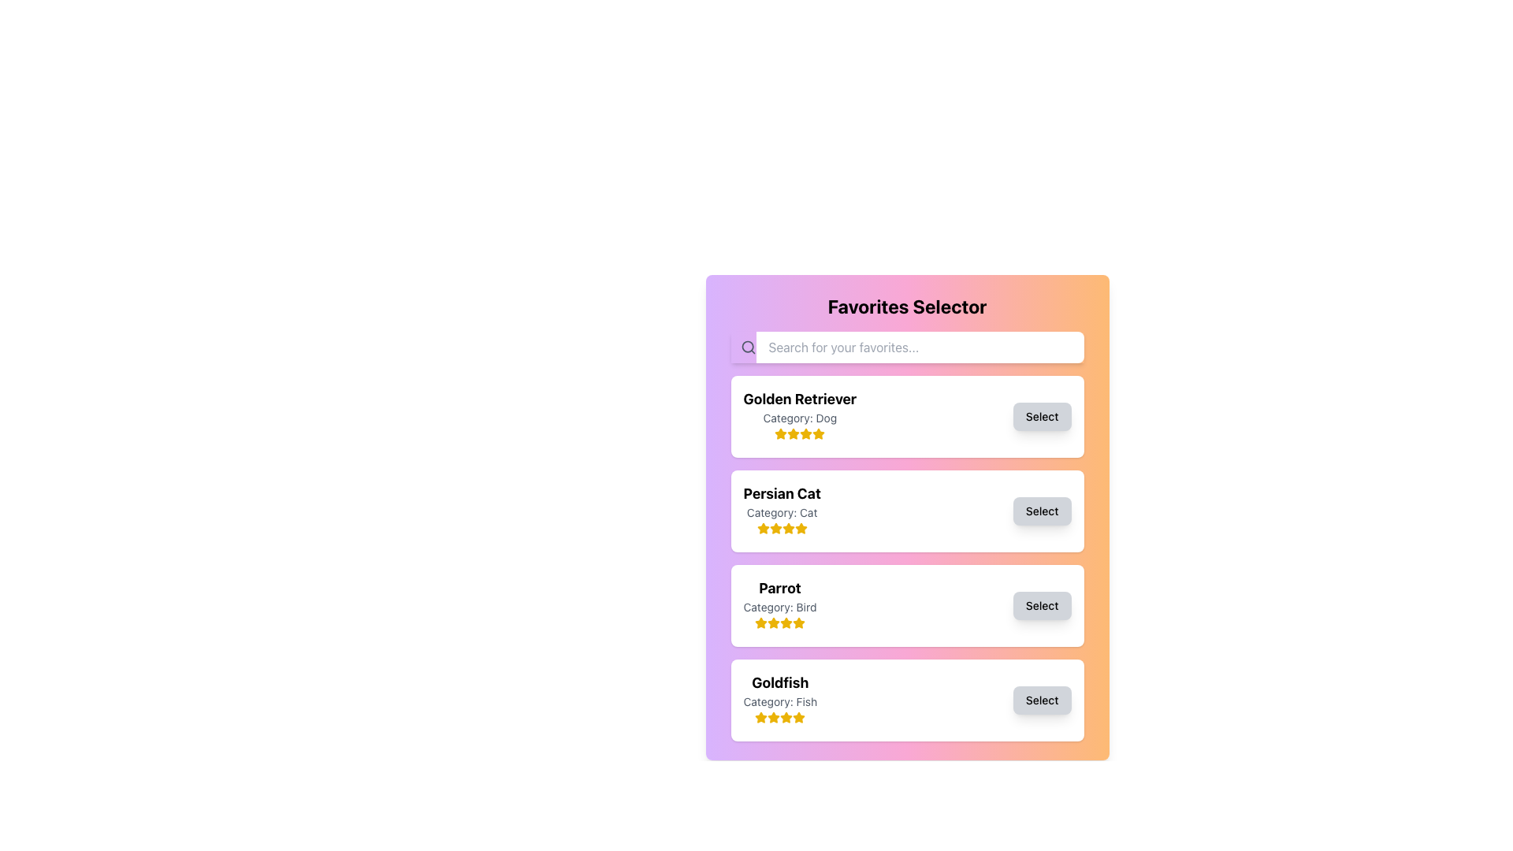 The height and width of the screenshot is (851, 1513). What do you see at coordinates (818, 433) in the screenshot?
I see `the third star-shaped icon filled with yellow color under the item titled 'Golden Retriever' to rate it` at bounding box center [818, 433].